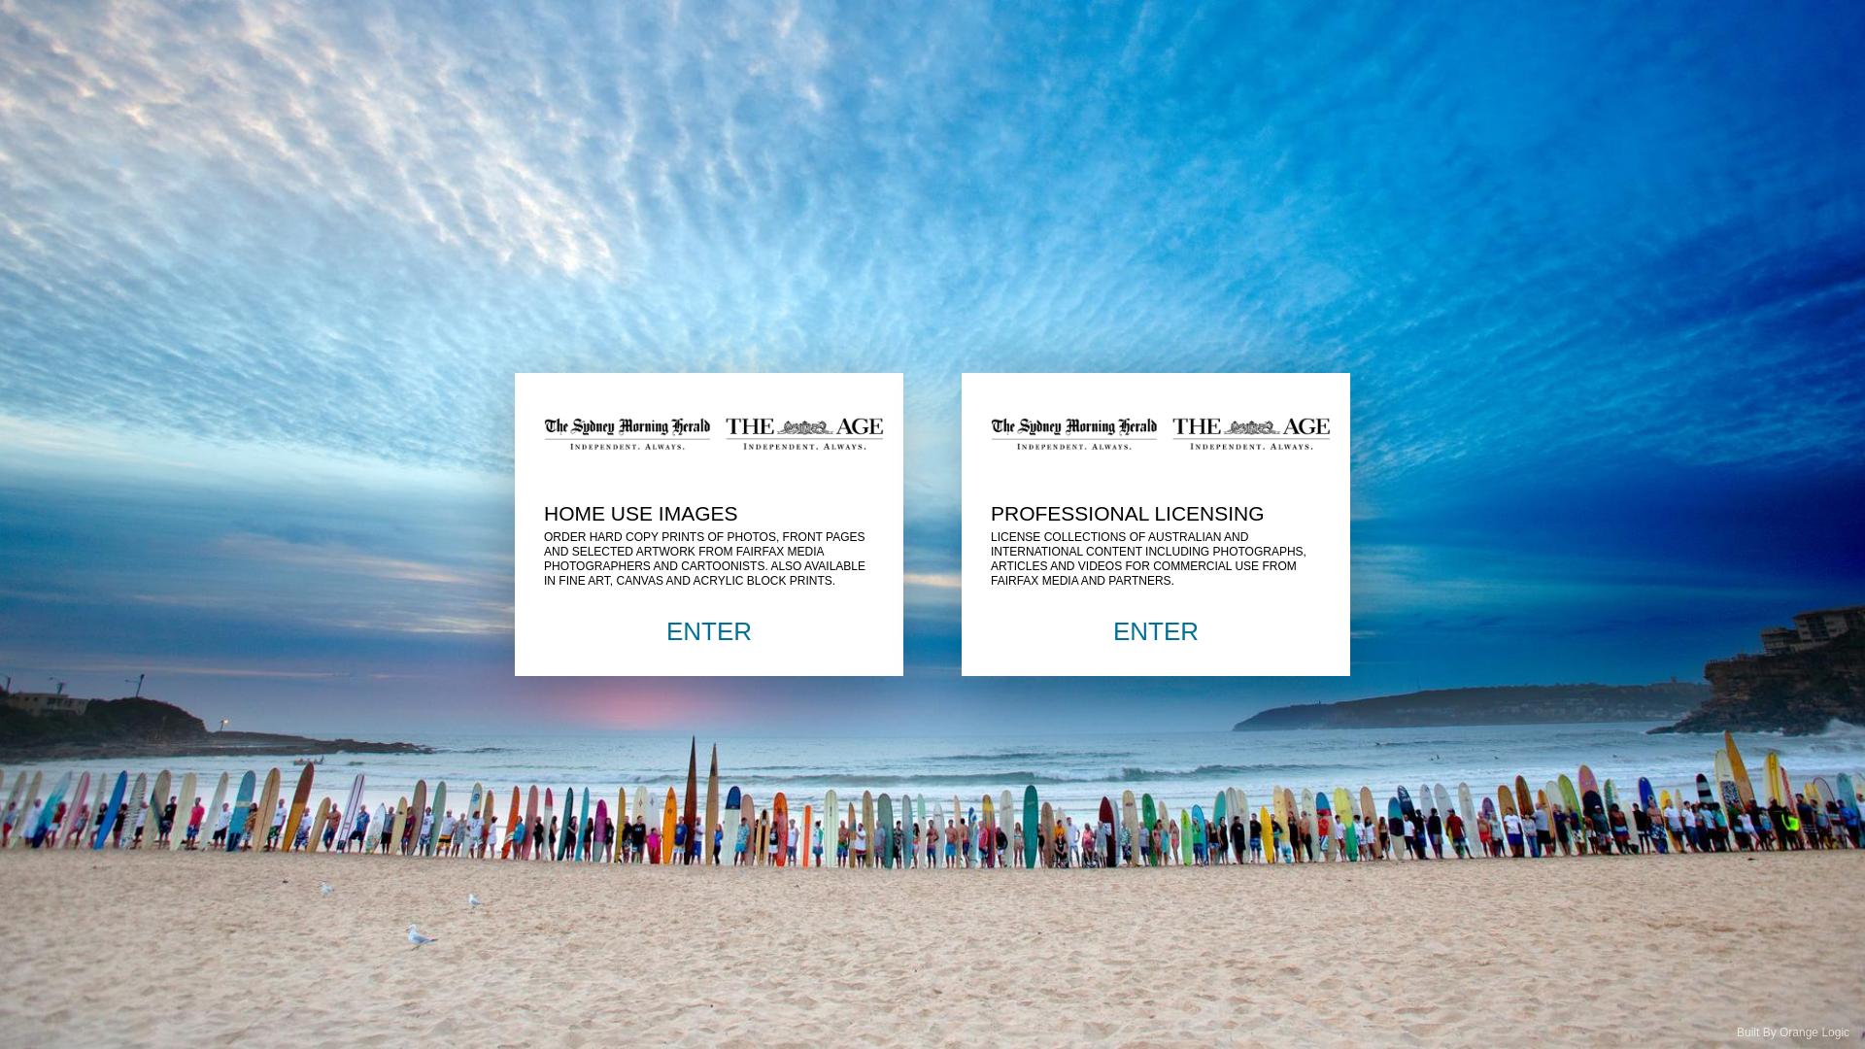  Describe the element at coordinates (708, 631) in the screenshot. I see `'ENTER'` at that location.